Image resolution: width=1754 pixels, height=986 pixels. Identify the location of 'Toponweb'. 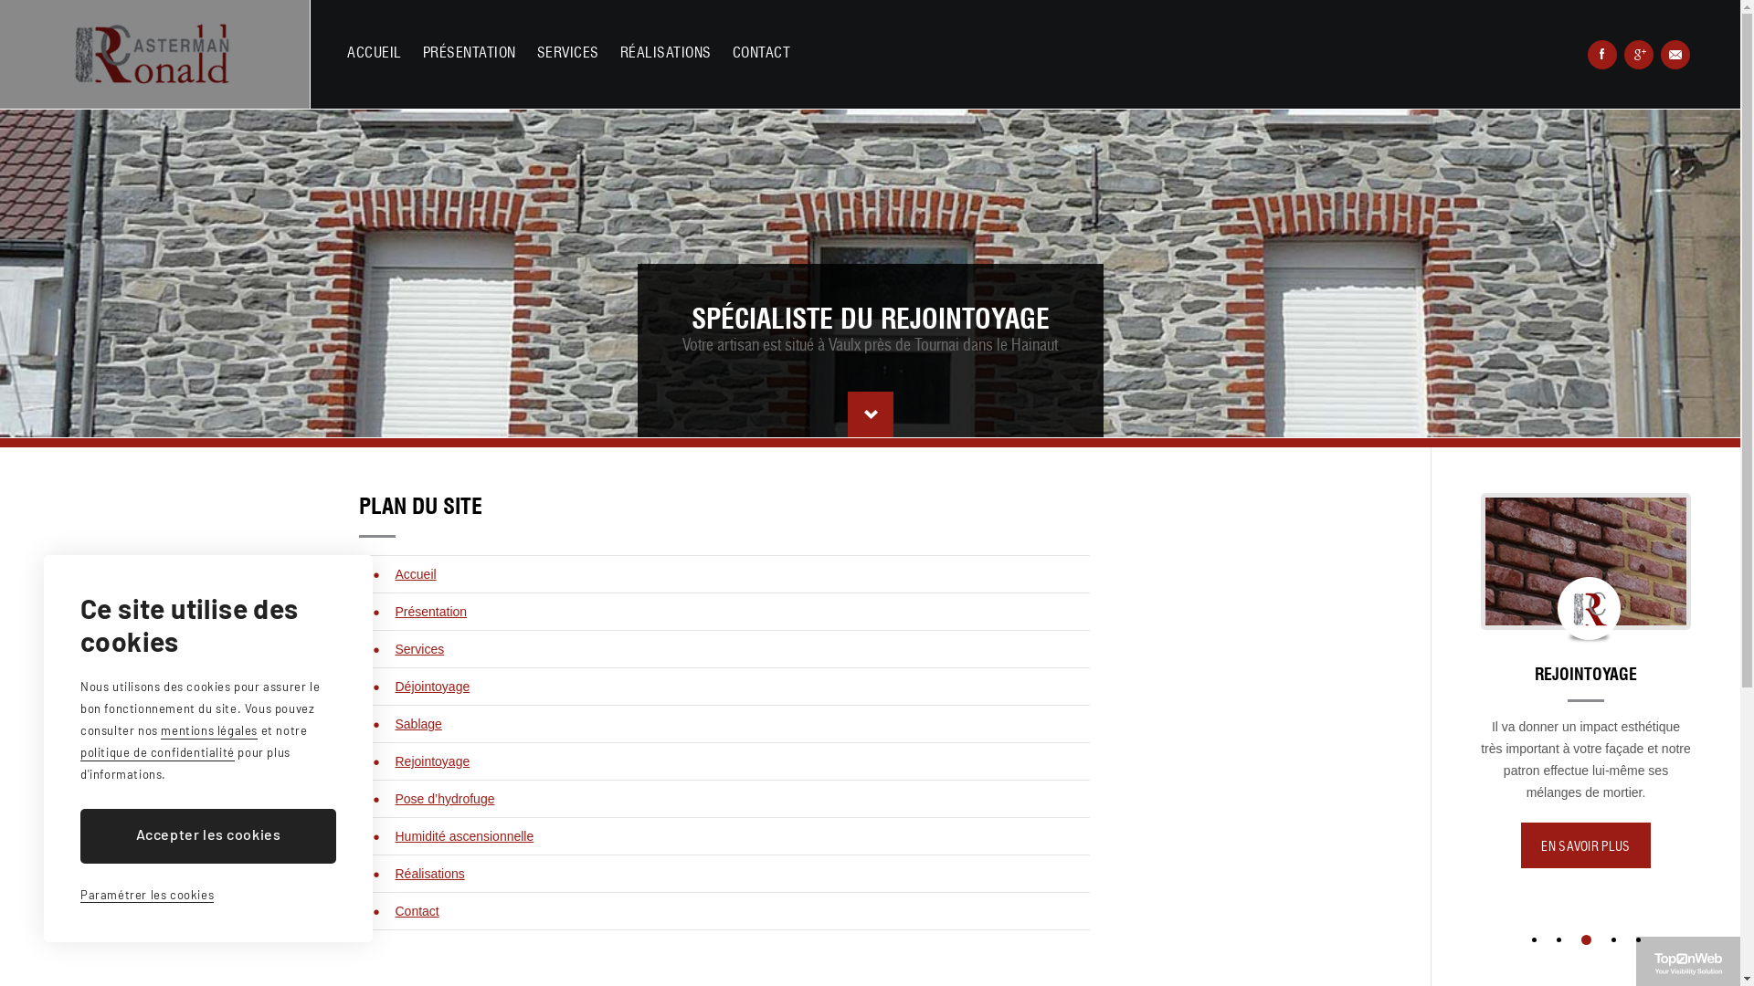
(1654, 963).